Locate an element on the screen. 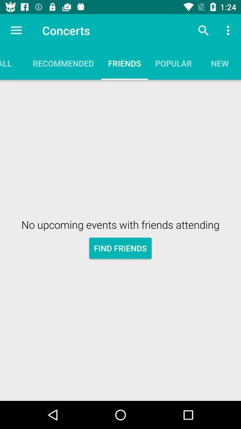 The width and height of the screenshot is (241, 429). the item to the right of concerts item is located at coordinates (203, 30).